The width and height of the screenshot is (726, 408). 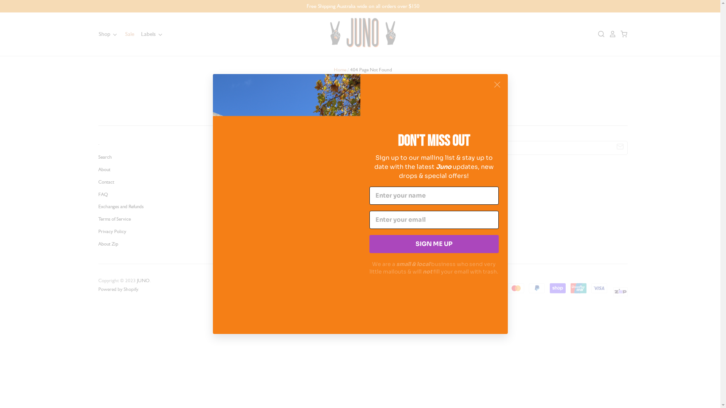 What do you see at coordinates (149, 33) in the screenshot?
I see `'Labels'` at bounding box center [149, 33].